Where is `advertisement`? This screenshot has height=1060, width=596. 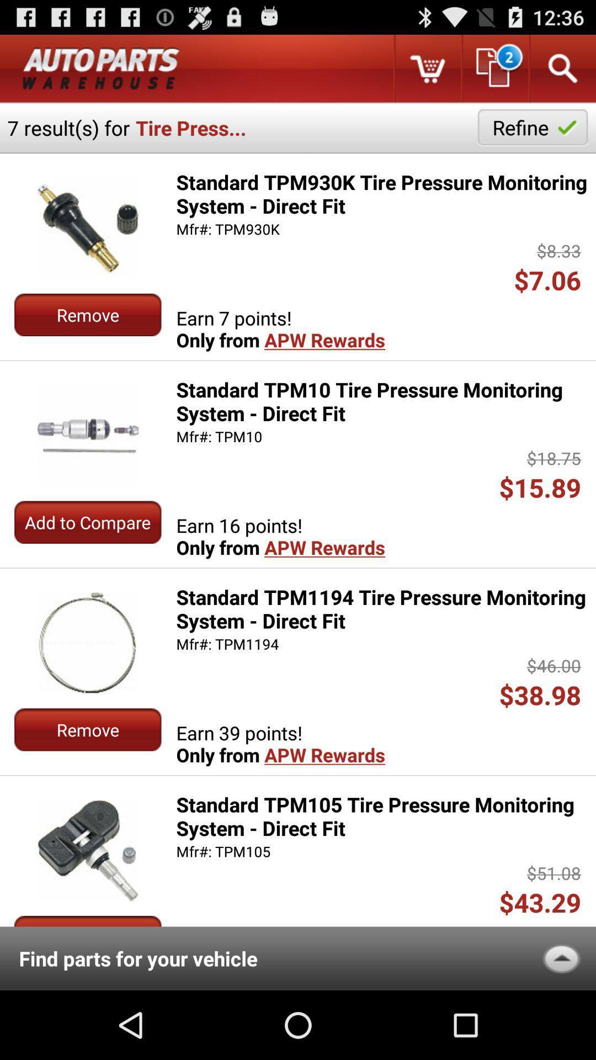
advertisement is located at coordinates (101, 68).